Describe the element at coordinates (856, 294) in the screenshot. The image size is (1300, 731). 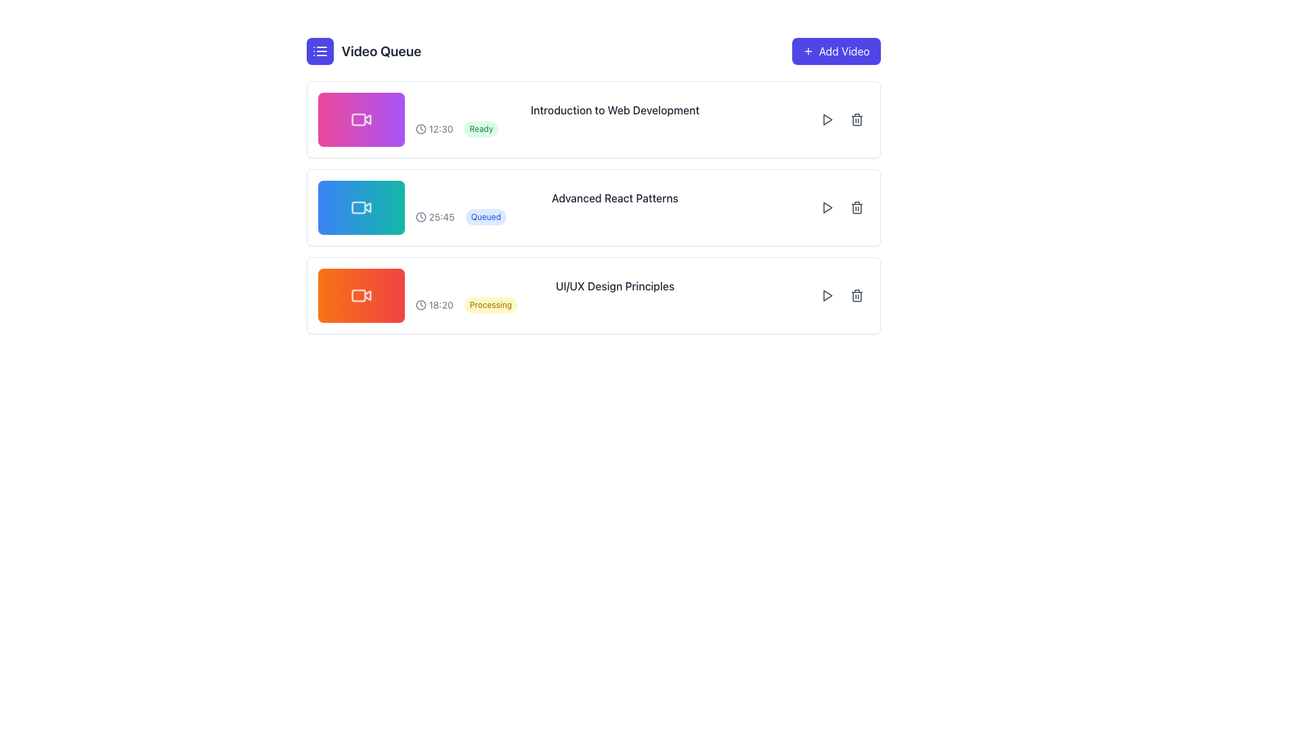
I see `the delete icon located at the far right of the third row in the video queue list, associated with 'UI/UX Design Principles'` at that location.